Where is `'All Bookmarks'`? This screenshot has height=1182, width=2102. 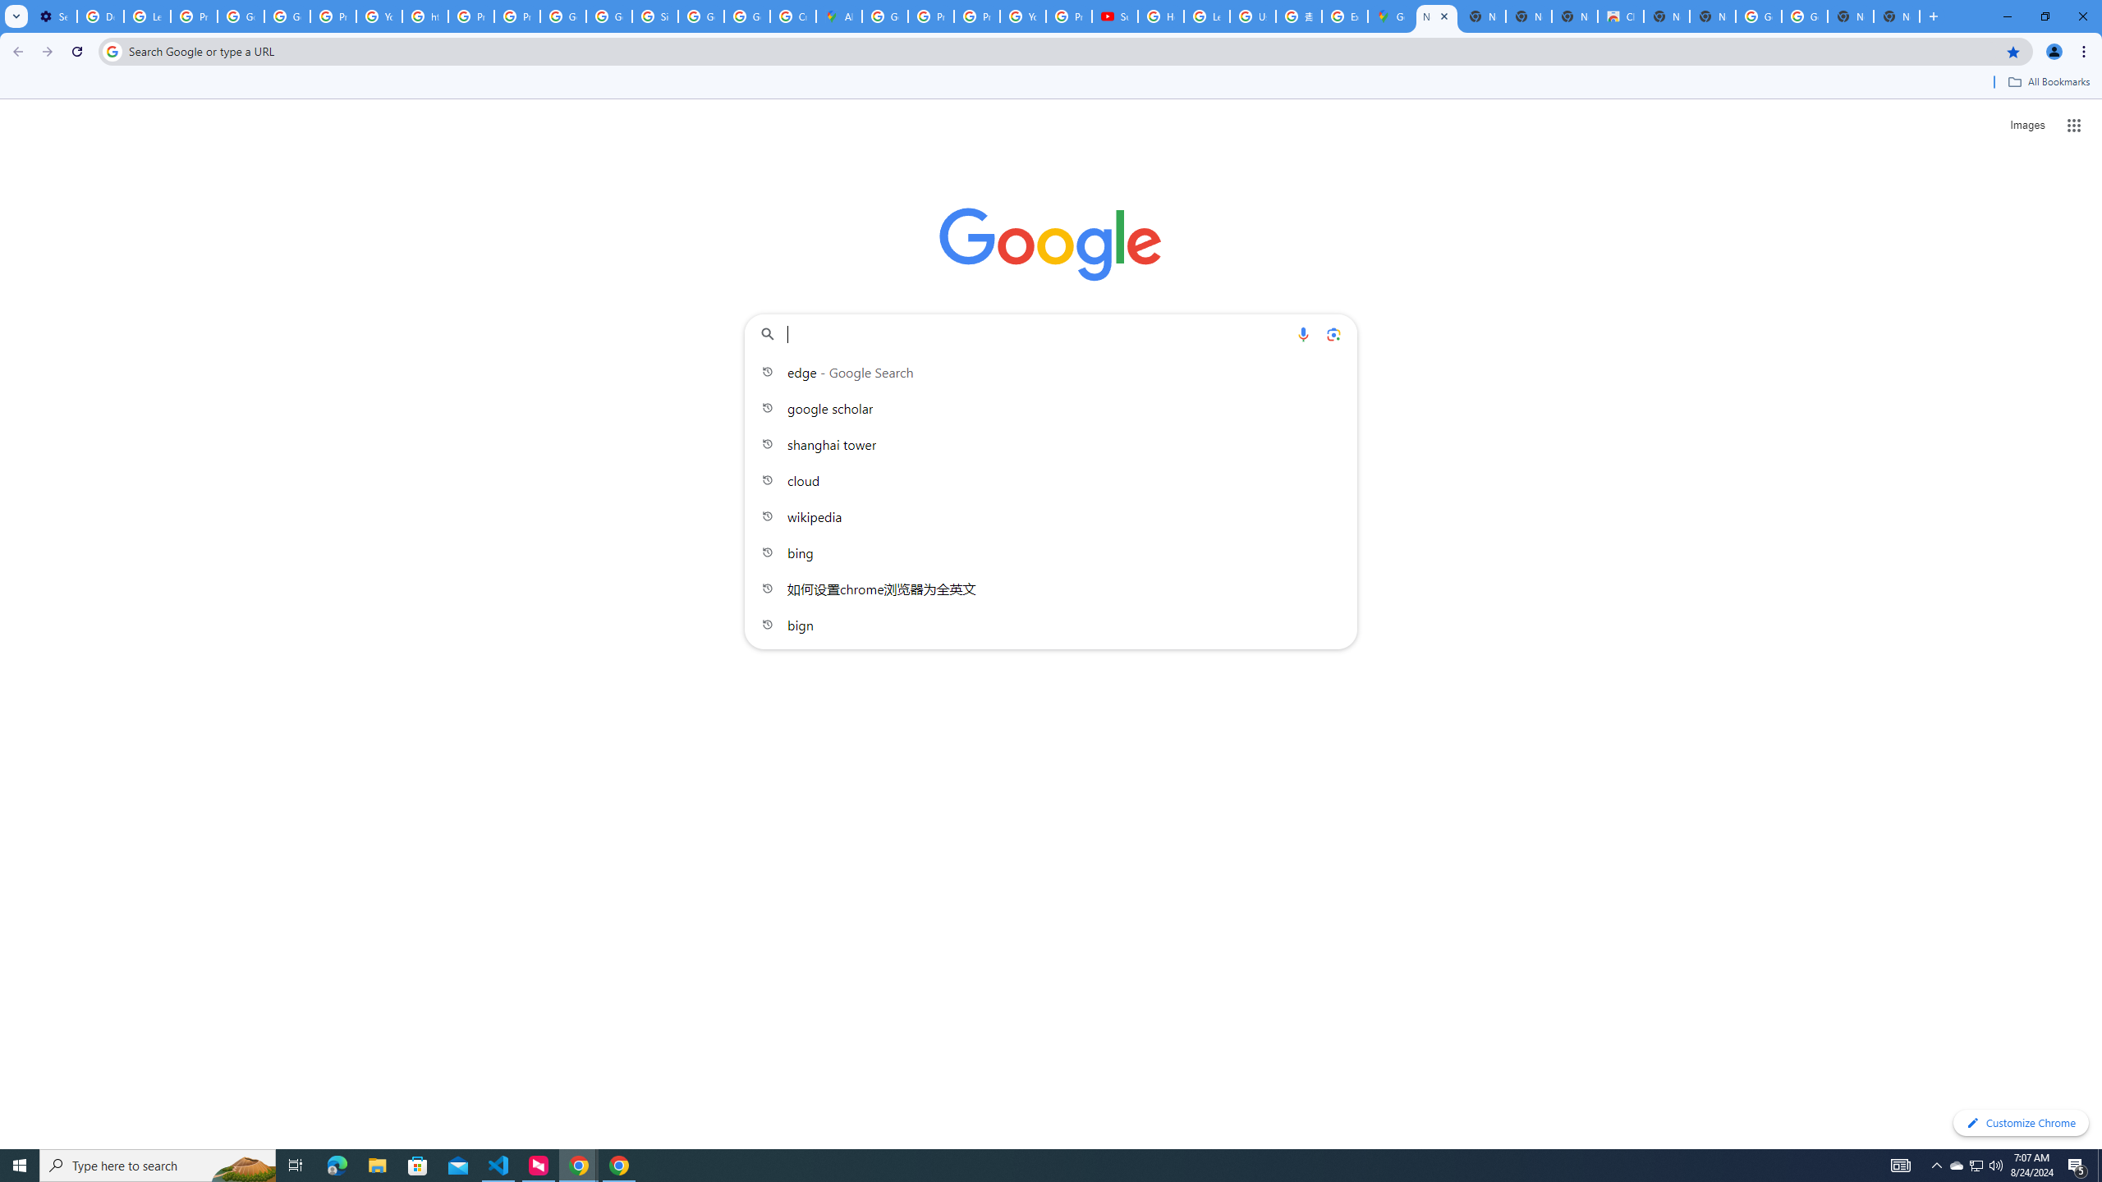
'All Bookmarks' is located at coordinates (2048, 81).